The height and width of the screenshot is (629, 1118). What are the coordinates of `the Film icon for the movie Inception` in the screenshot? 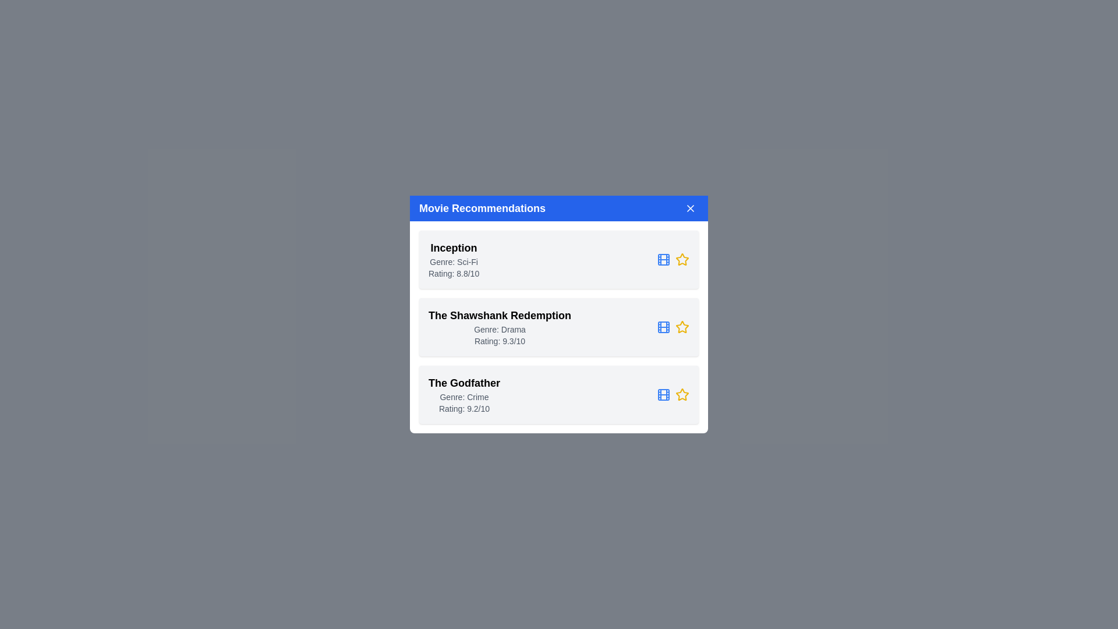 It's located at (664, 259).